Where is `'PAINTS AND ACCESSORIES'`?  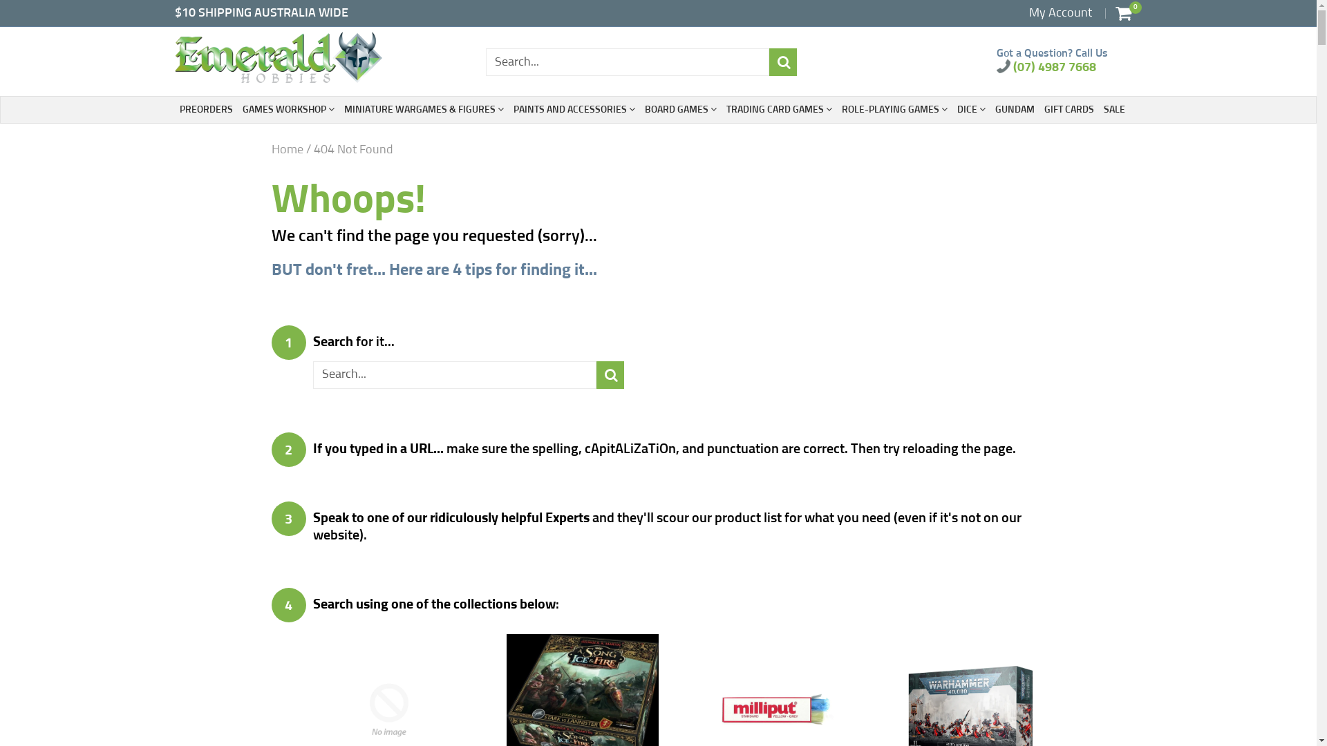 'PAINTS AND ACCESSORIES' is located at coordinates (574, 108).